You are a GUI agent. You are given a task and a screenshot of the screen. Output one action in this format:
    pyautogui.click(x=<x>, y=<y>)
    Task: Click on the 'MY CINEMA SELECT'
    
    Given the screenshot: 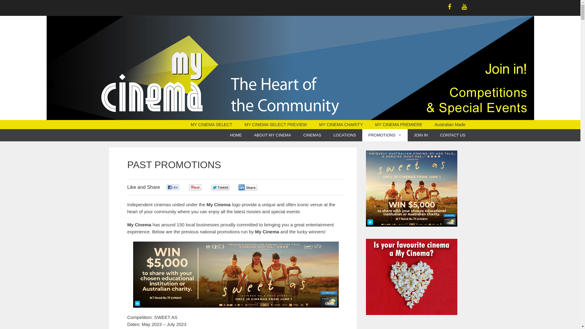 What is the action you would take?
    pyautogui.click(x=184, y=124)
    